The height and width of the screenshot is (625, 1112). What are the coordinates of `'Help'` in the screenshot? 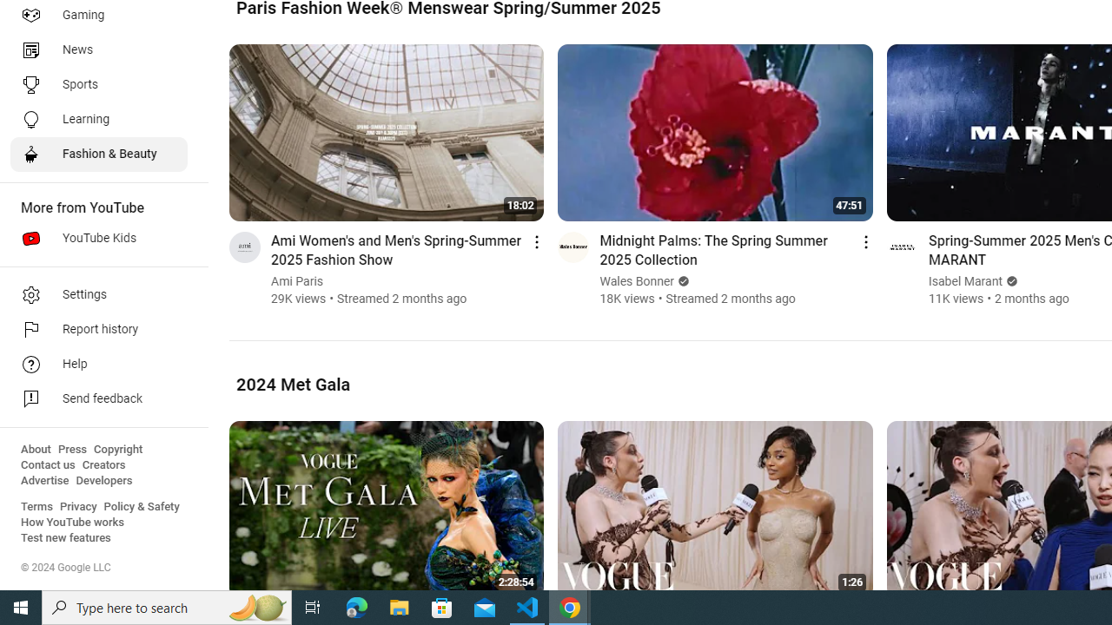 It's located at (97, 364).